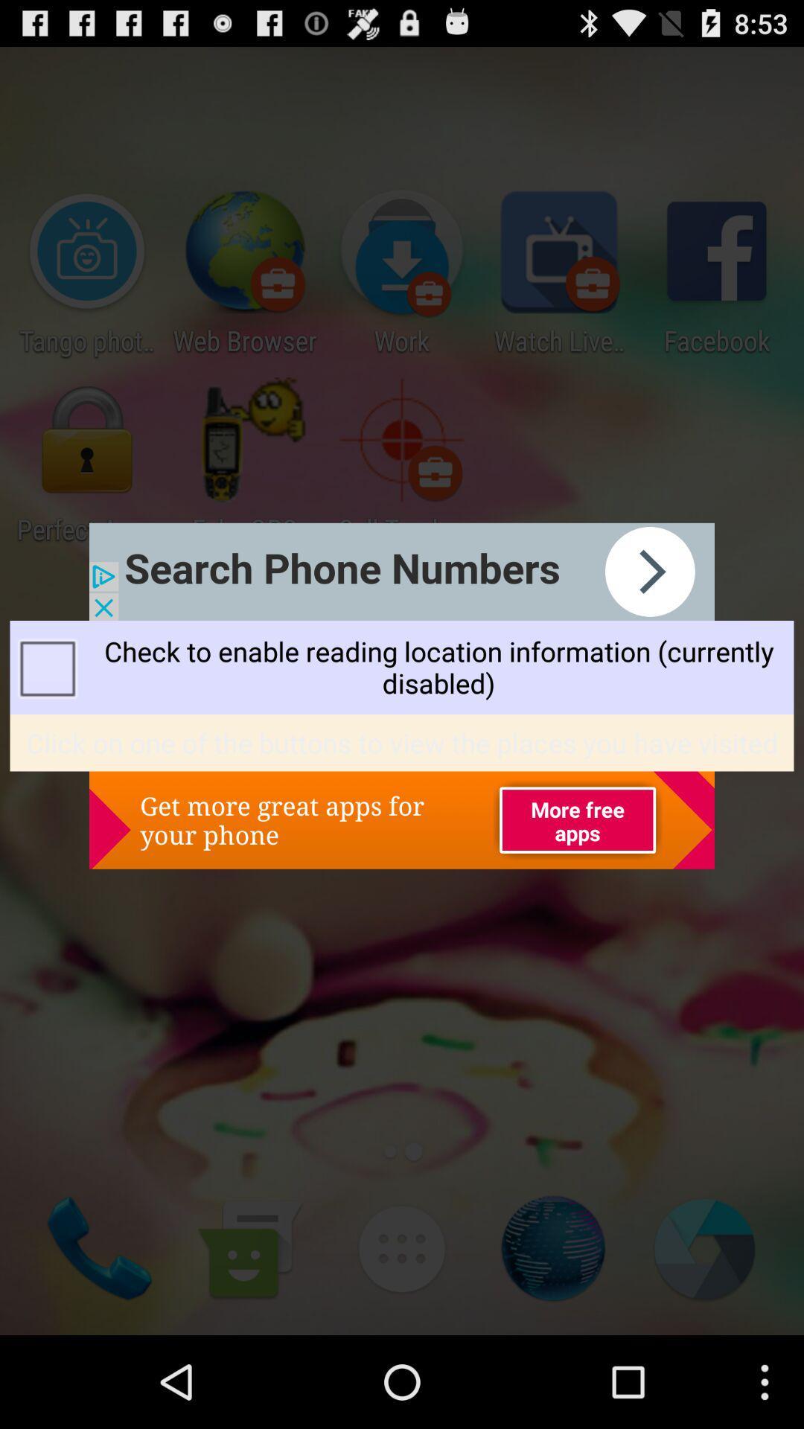 The width and height of the screenshot is (804, 1429). I want to click on banner, so click(402, 571).